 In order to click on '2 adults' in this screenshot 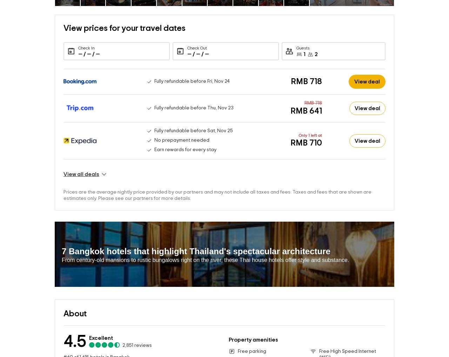, I will do `click(325, 42)`.